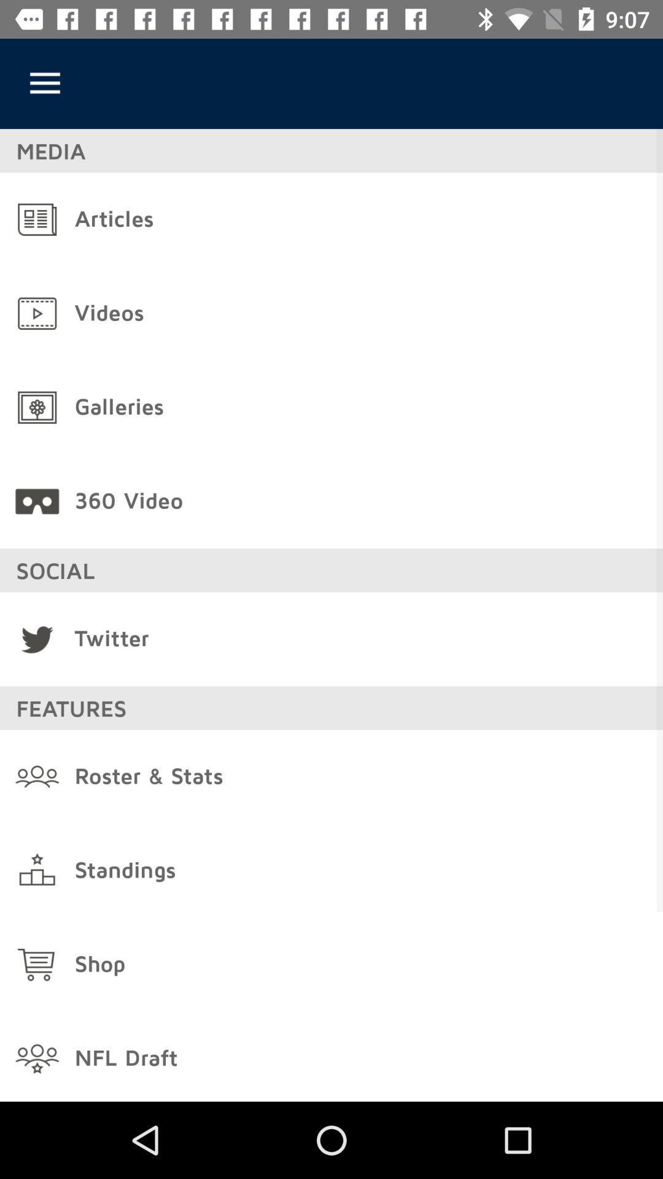  What do you see at coordinates (37, 639) in the screenshot?
I see `the twitter icon` at bounding box center [37, 639].